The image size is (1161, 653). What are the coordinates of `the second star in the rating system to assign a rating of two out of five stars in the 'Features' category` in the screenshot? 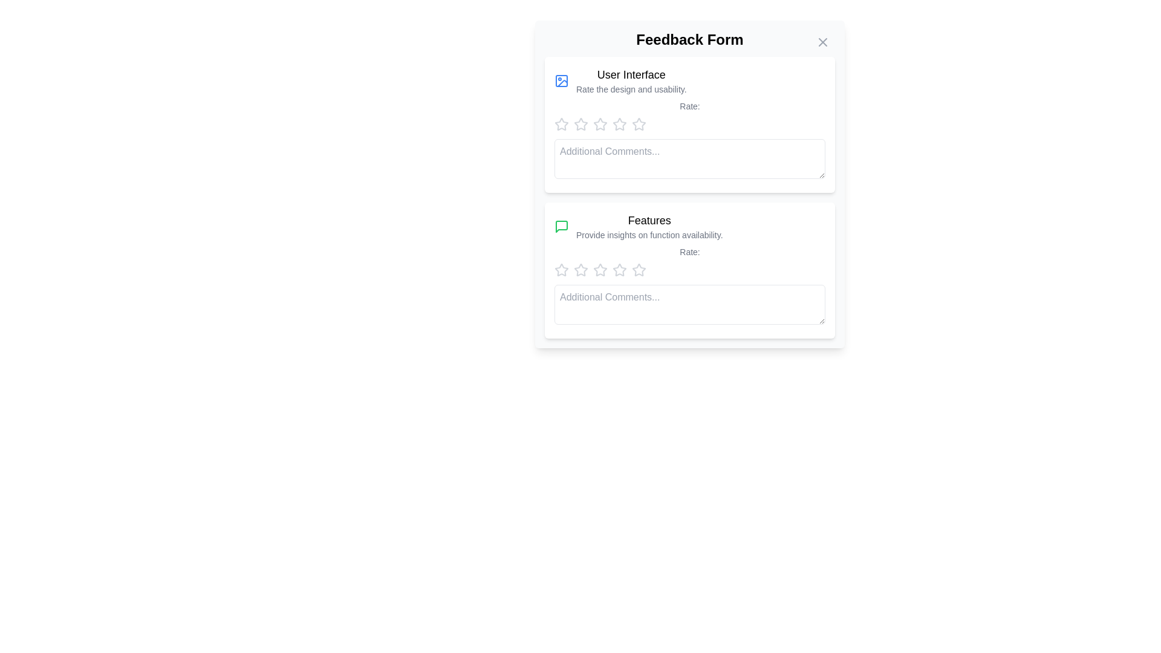 It's located at (600, 269).